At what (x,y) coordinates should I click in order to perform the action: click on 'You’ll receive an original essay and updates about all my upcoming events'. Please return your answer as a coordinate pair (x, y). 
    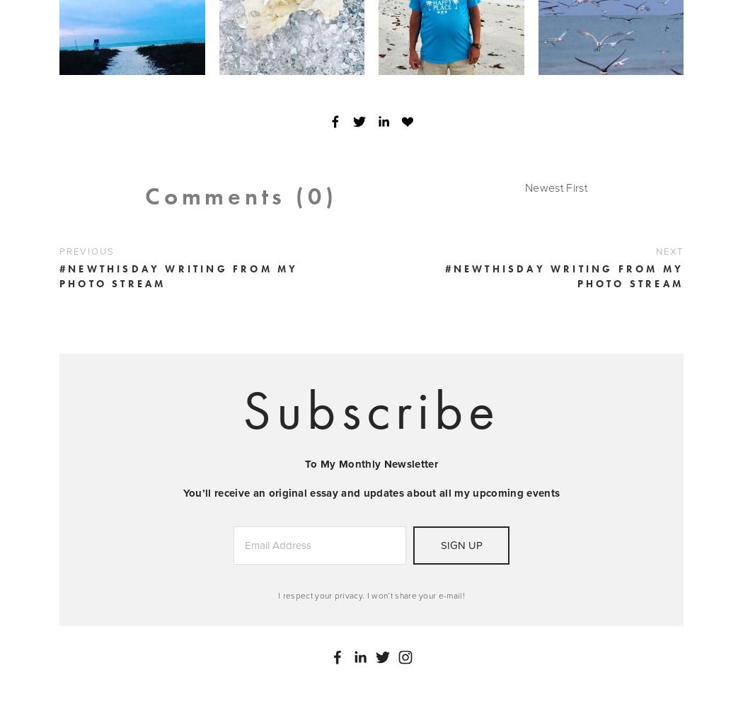
    Looking at the image, I should click on (370, 492).